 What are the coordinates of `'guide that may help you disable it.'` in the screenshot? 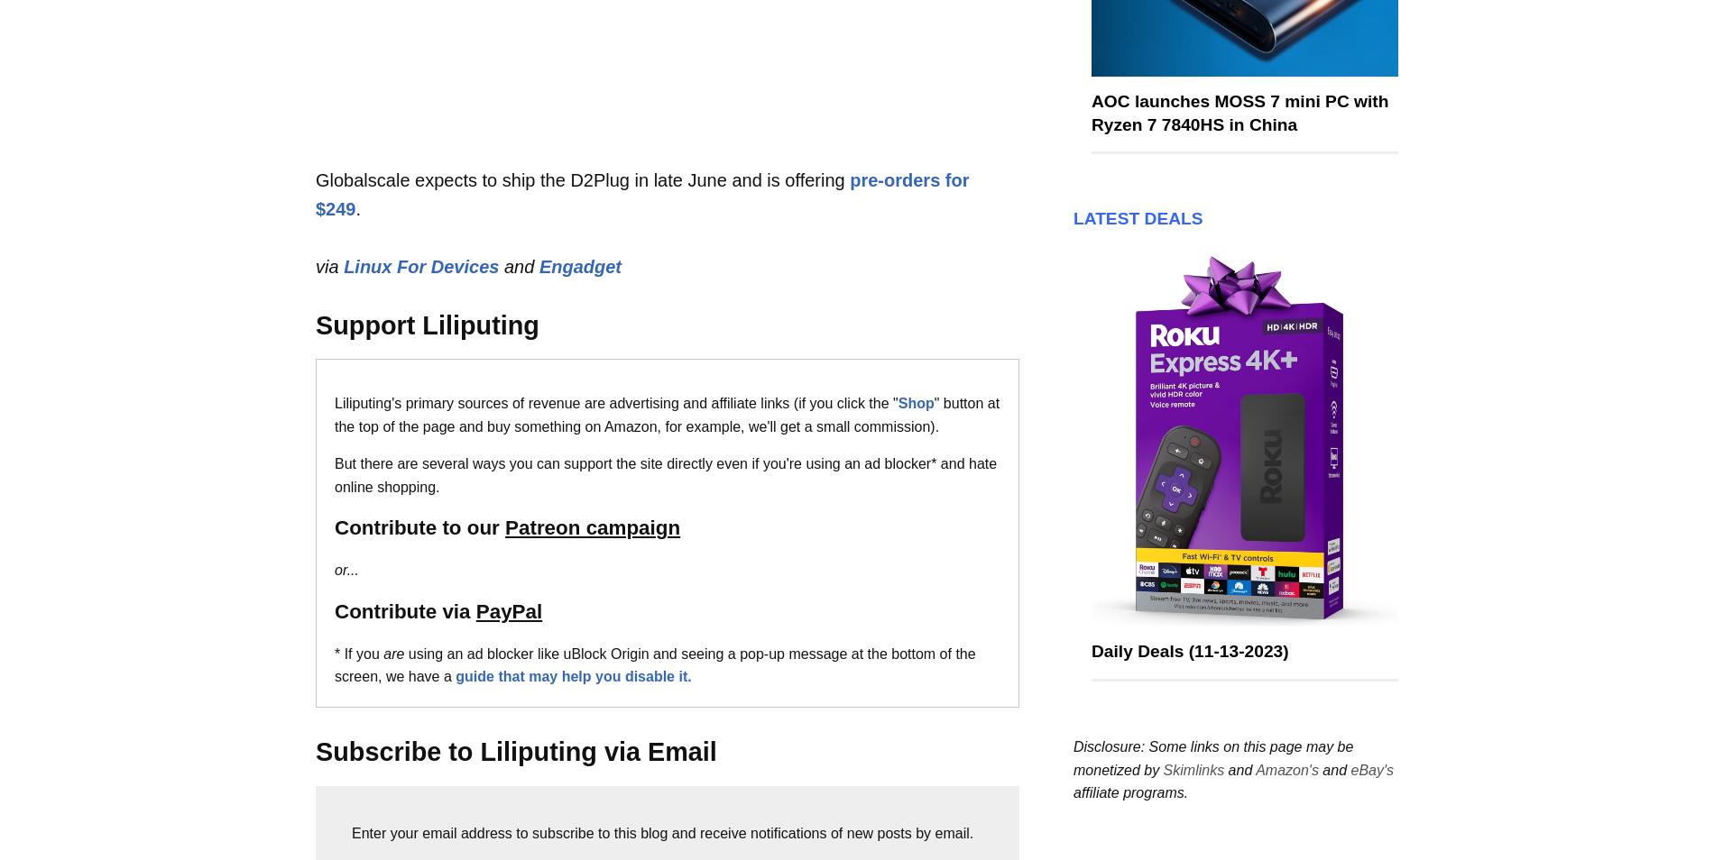 It's located at (573, 676).